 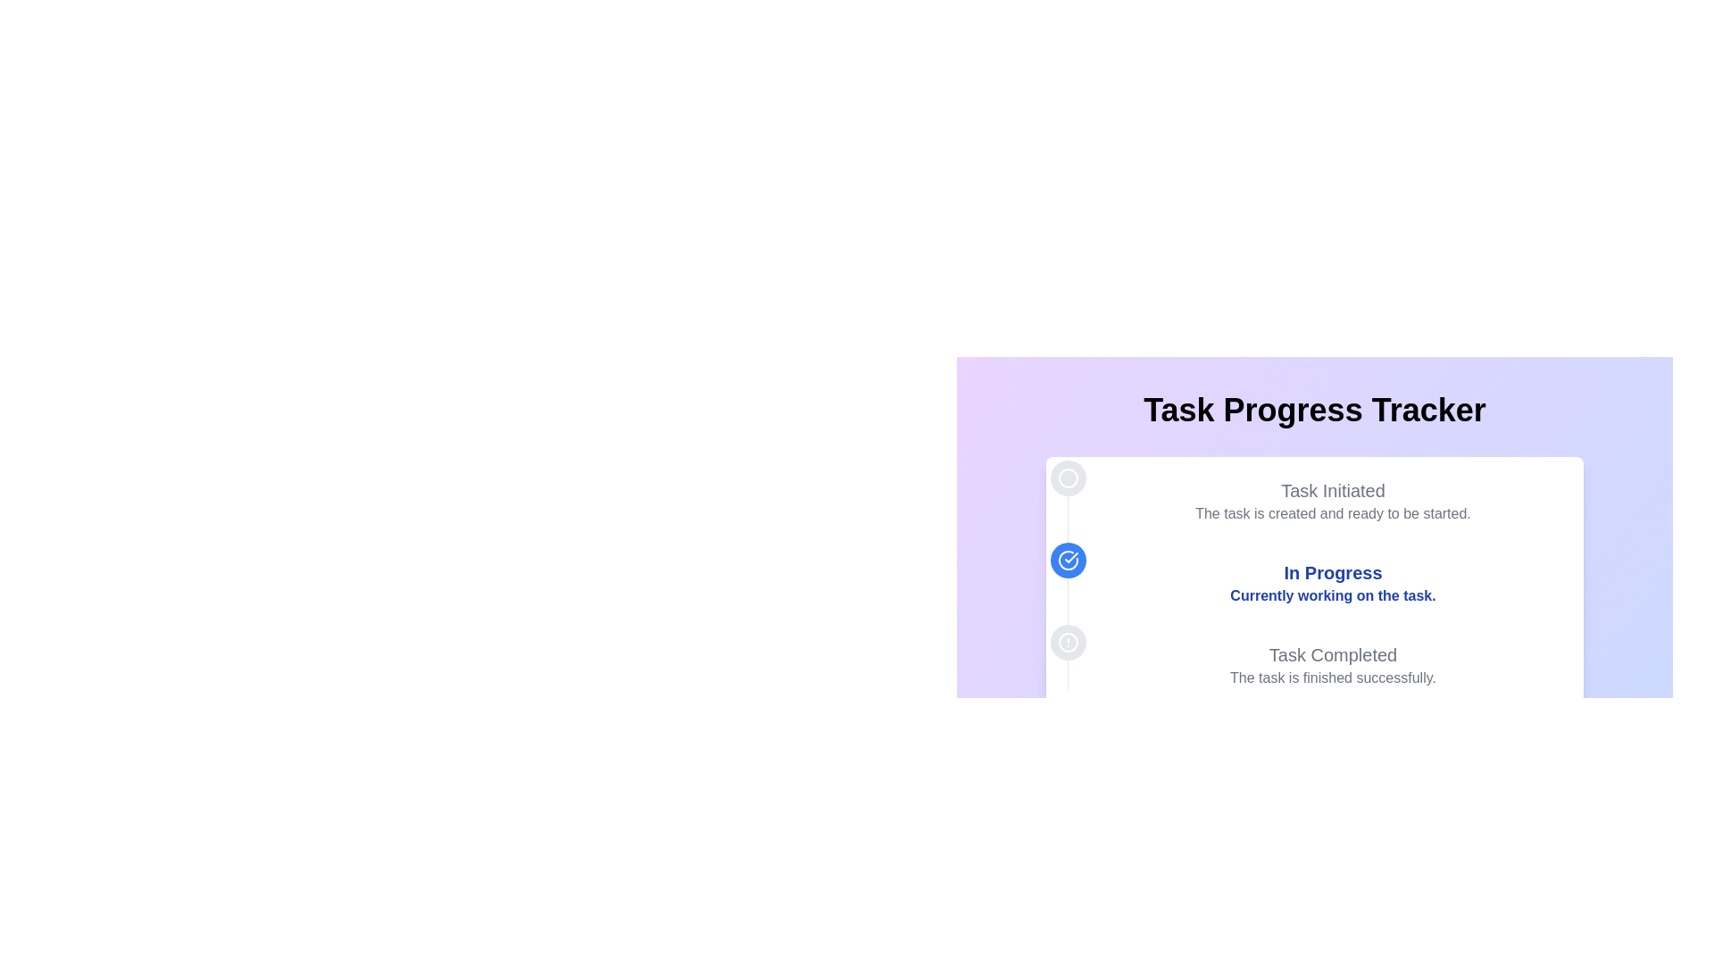 What do you see at coordinates (1333, 572) in the screenshot?
I see `the prominent text label displaying 'In Progress' which is styled in large, bold blue text, located centrally above a smaller status description in a progress tracker interface` at bounding box center [1333, 572].